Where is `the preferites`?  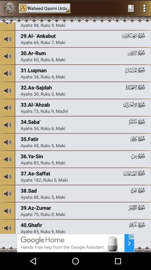 the preferites is located at coordinates (131, 8).